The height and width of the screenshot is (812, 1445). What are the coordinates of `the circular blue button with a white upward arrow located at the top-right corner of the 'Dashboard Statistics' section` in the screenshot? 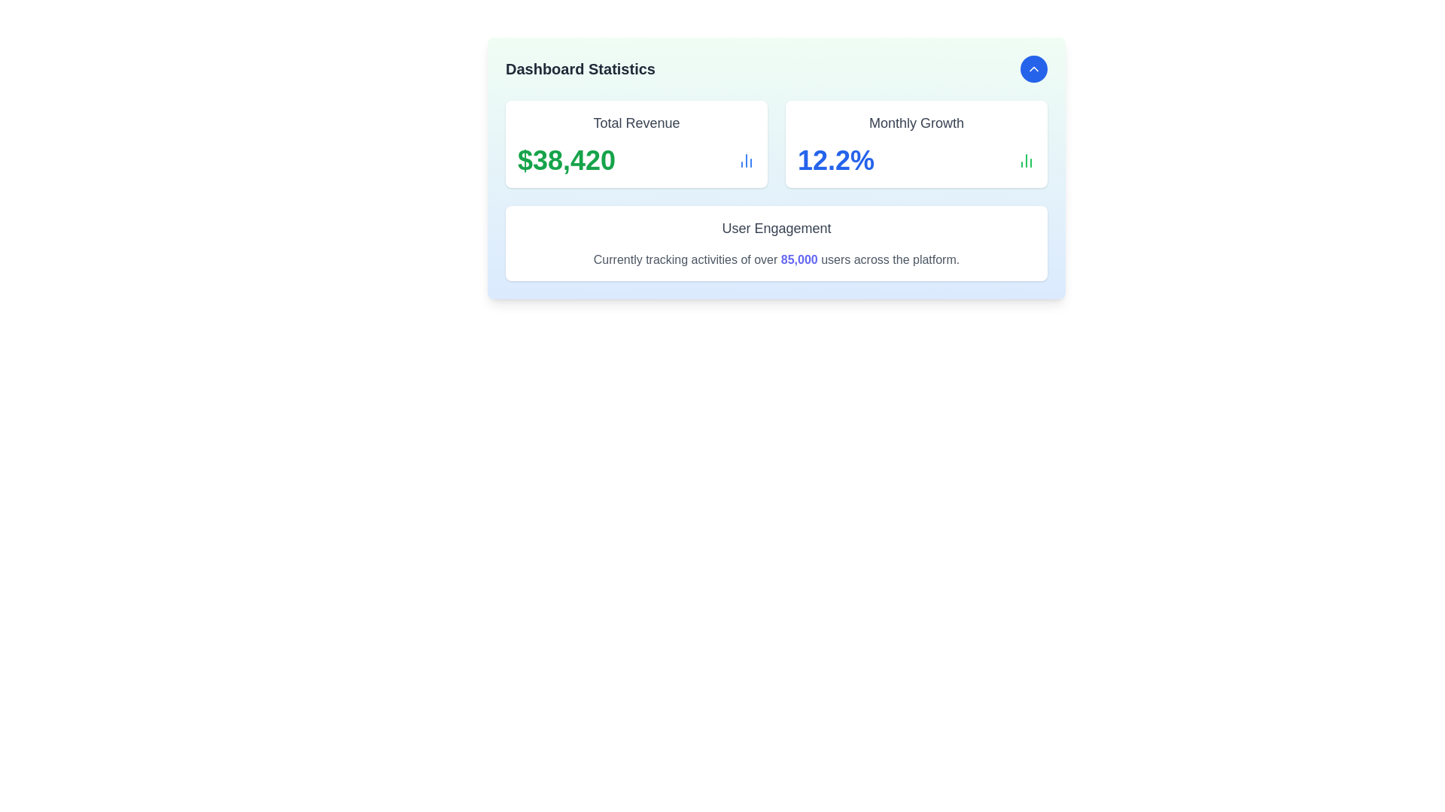 It's located at (1033, 69).